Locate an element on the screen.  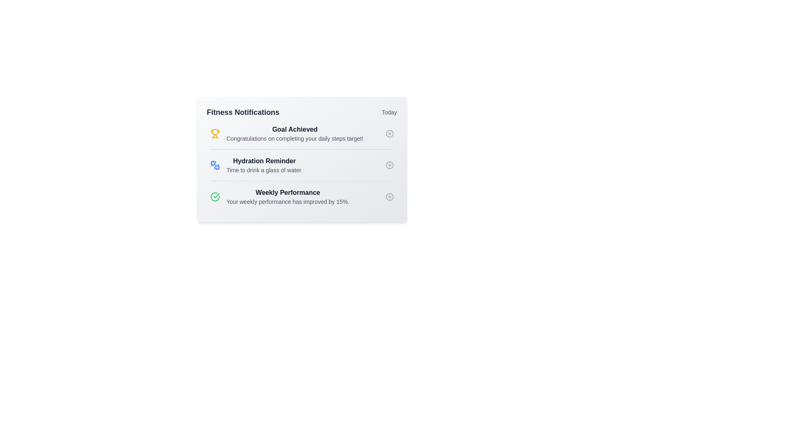
the text block that provides a motivational summary message about the user's performance for the week, located in the 'Fitness Notifications' section as the third item below 'Goal Achieved' and 'Hydration Reminder' is located at coordinates (288, 196).